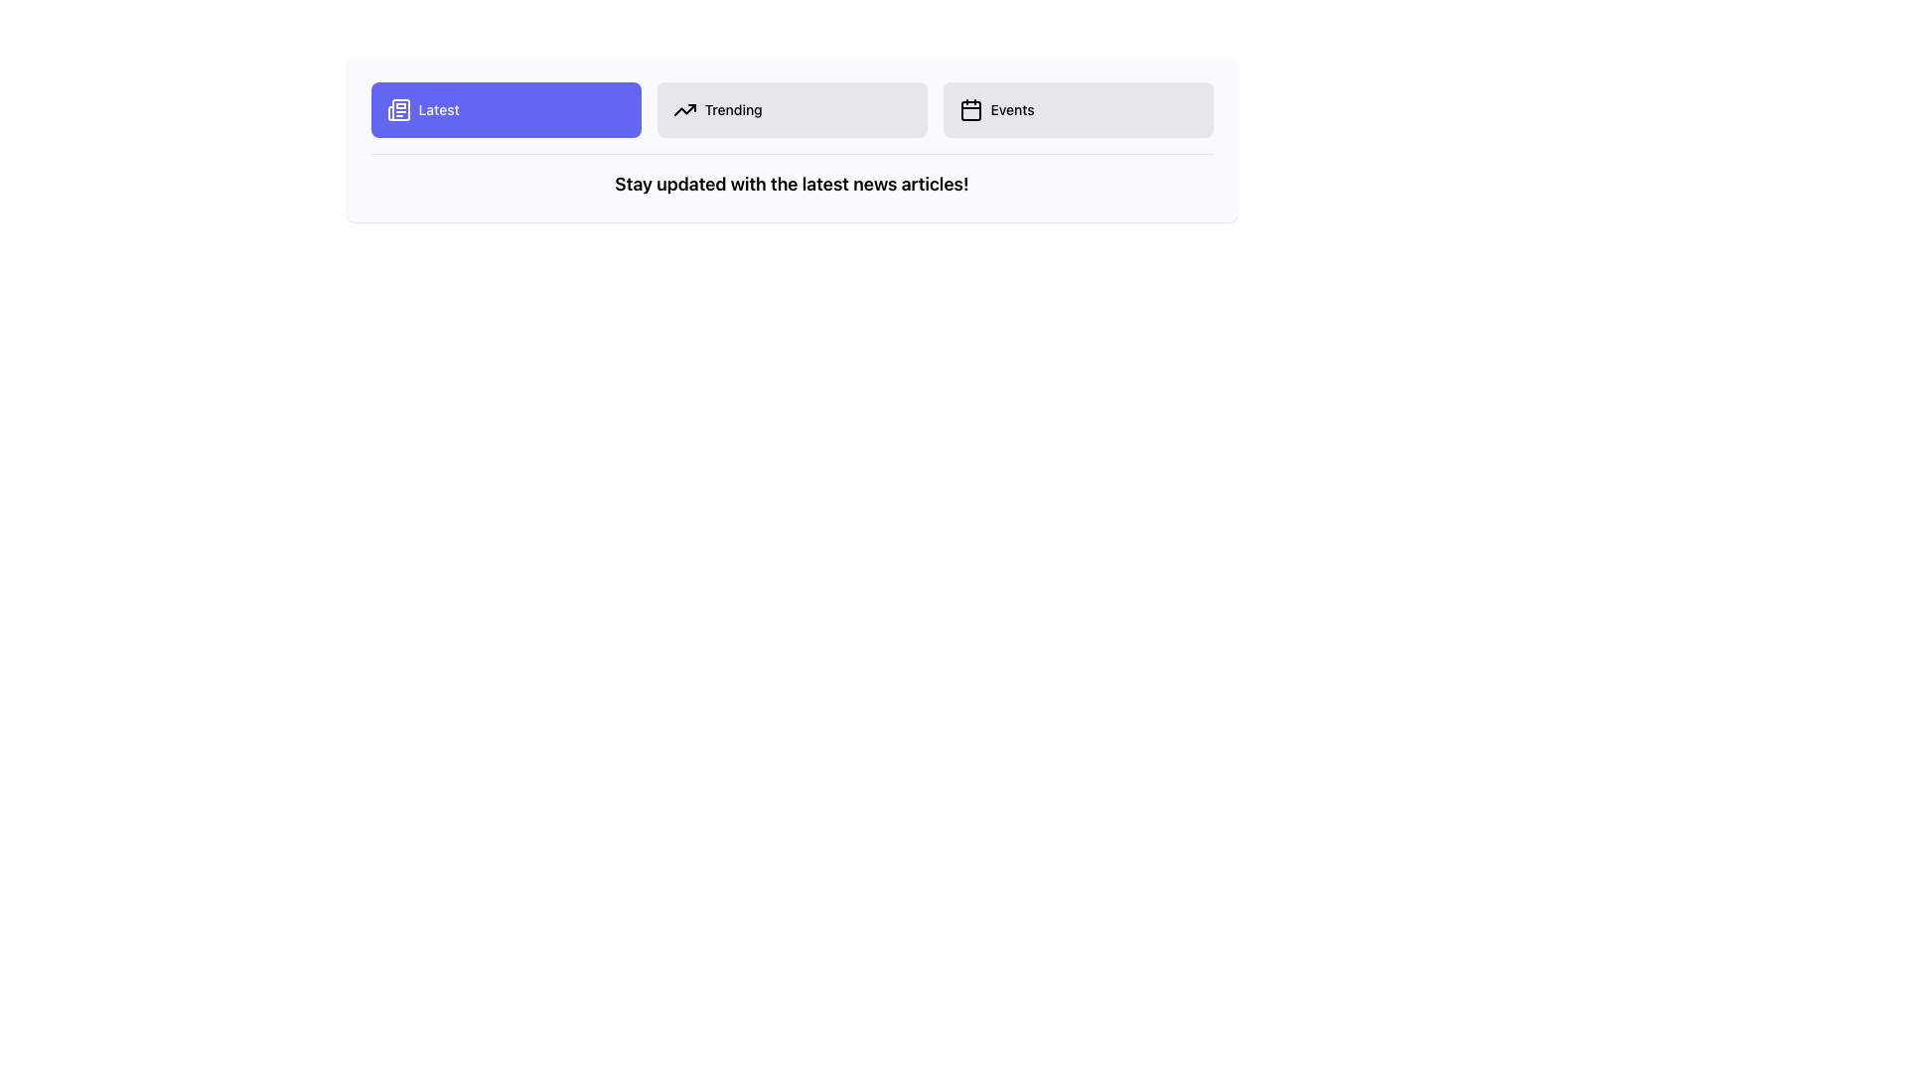  Describe the element at coordinates (791, 139) in the screenshot. I see `to select or activate the 'Trending' category button, which is the middle segment of a rectangular button with a light gray background and rounded corners` at that location.